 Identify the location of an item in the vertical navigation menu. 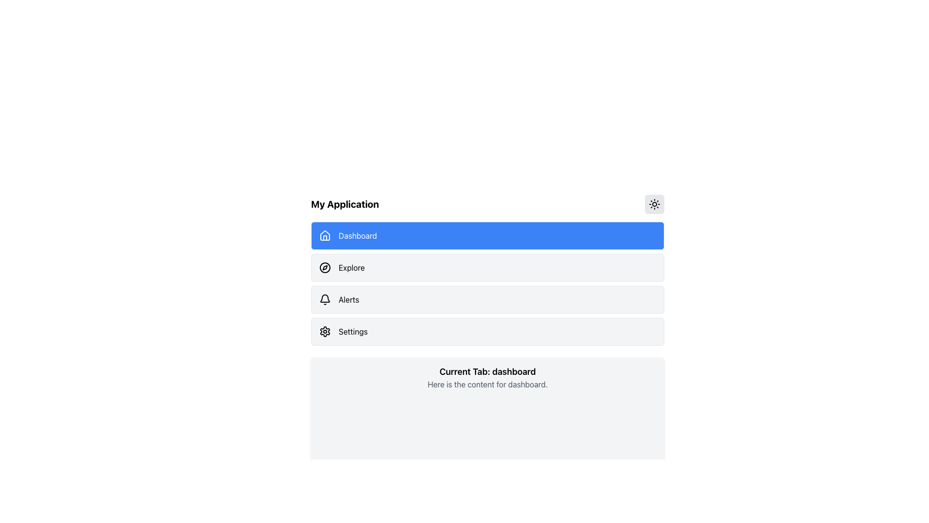
(488, 283).